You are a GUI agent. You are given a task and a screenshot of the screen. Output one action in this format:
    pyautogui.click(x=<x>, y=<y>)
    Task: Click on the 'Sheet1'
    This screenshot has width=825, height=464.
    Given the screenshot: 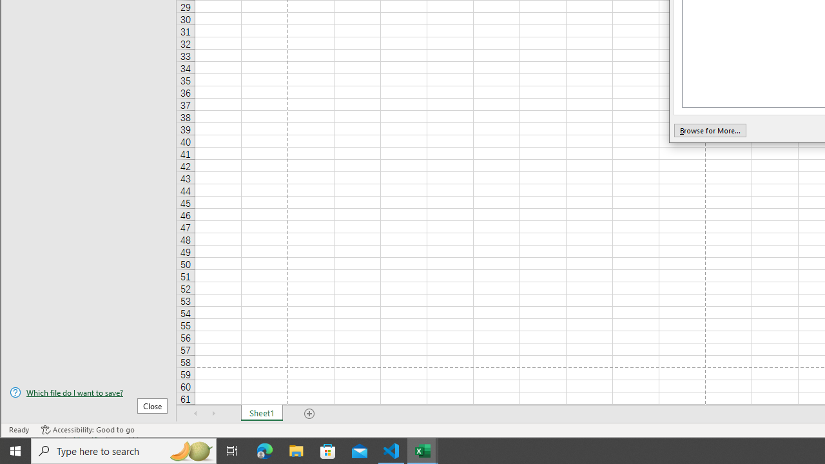 What is the action you would take?
    pyautogui.click(x=261, y=413)
    